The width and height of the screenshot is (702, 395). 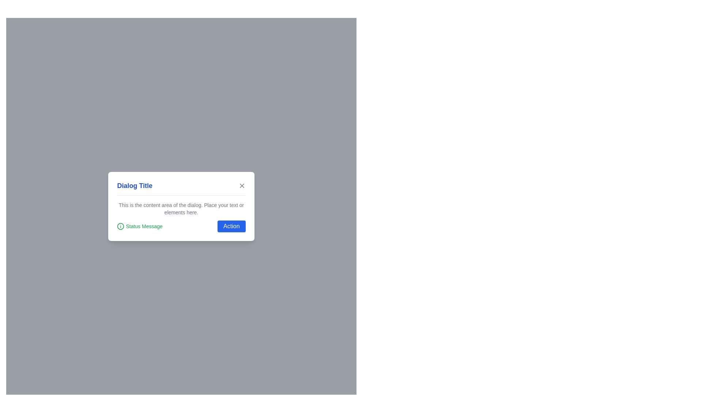 What do you see at coordinates (121, 226) in the screenshot?
I see `the icon located on the left side of the 'Status Message' text, which serves as a graphical indicator` at bounding box center [121, 226].